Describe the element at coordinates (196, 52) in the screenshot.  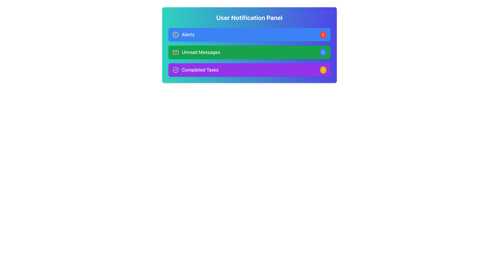
I see `the 'Unread Messages' informational label in the notification panel, which is visually highlighted on a green background and positioned between the 'Alerts' section and the 'Completed Tasks' section` at that location.